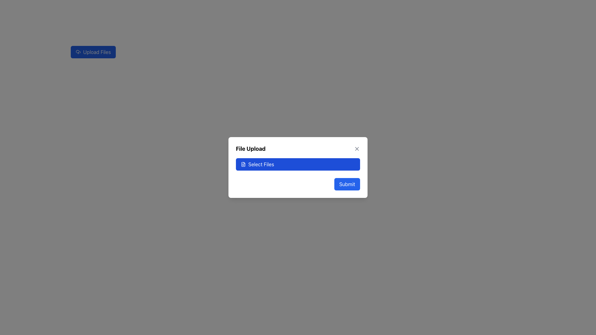 The image size is (596, 335). I want to click on the 'Submit' button located at the bottom-right corner of the dialog box to activate the hover effect, so click(347, 184).